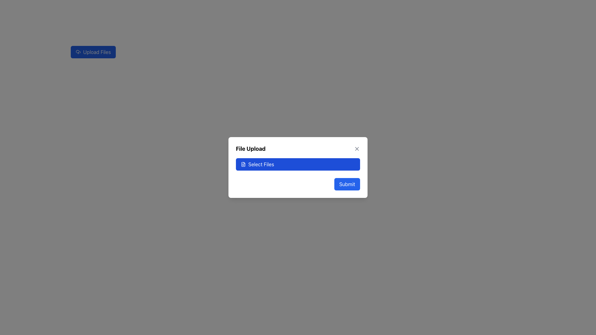 The image size is (596, 335). I want to click on the 'Submit' button located at the bottom-right corner of the dialog box to activate the hover effect, so click(347, 184).